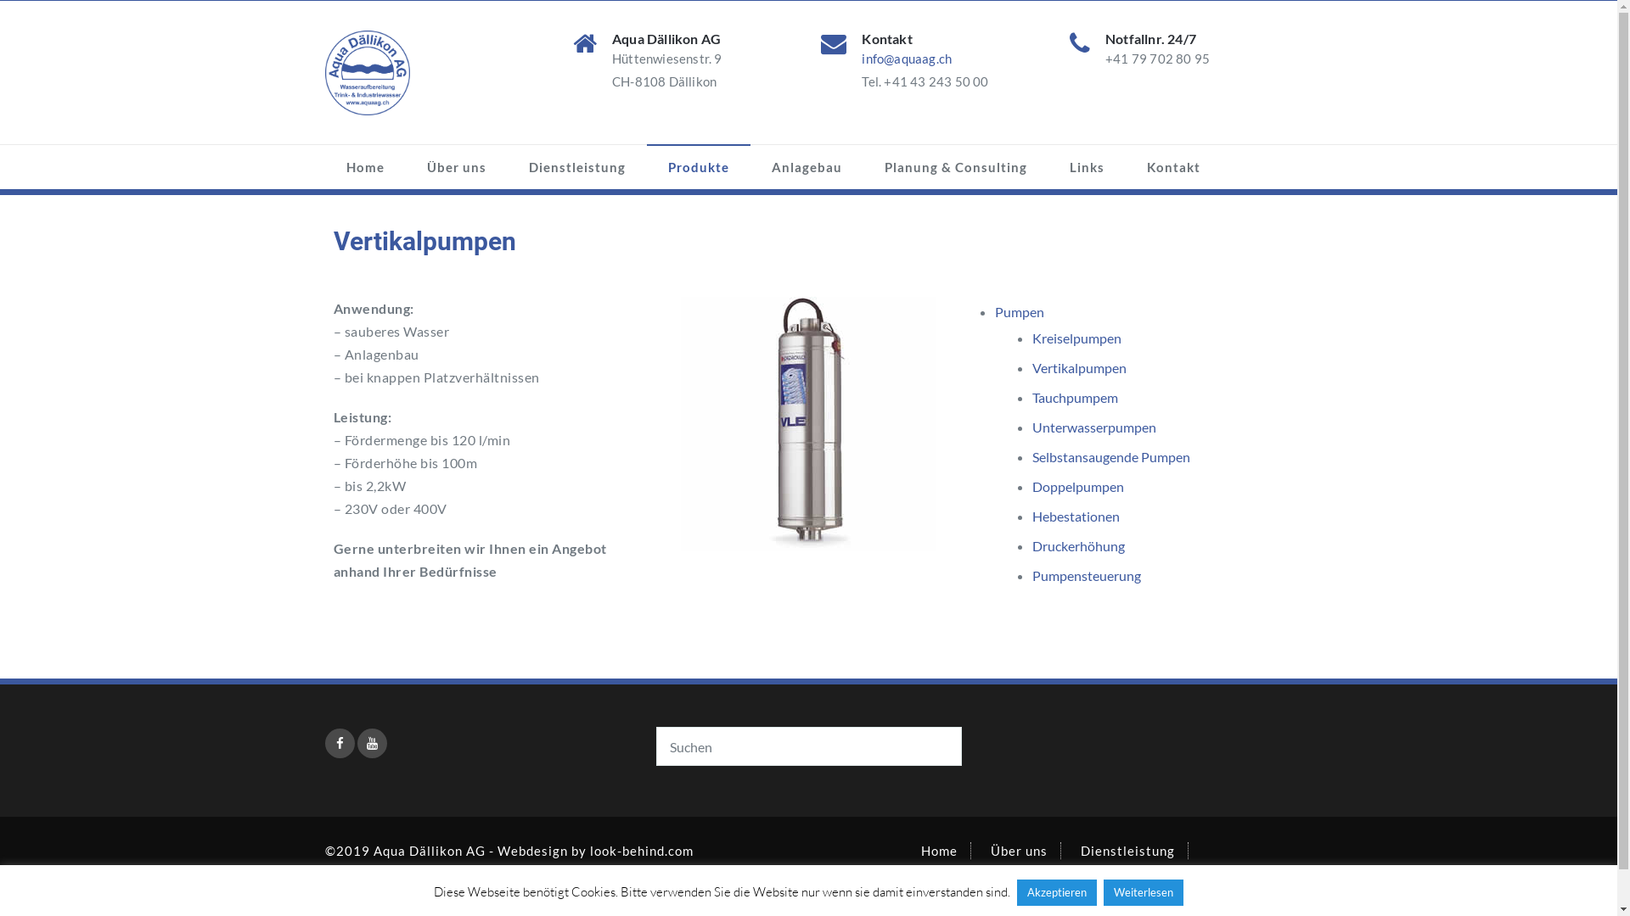  Describe the element at coordinates (806, 166) in the screenshot. I see `'Anlagebau'` at that location.